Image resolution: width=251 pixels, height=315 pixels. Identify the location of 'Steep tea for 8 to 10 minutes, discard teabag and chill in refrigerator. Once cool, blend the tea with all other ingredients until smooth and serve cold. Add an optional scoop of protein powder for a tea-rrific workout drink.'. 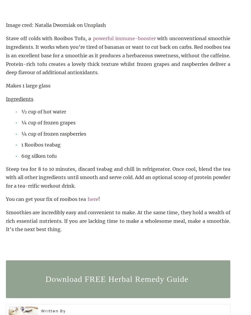
(118, 177).